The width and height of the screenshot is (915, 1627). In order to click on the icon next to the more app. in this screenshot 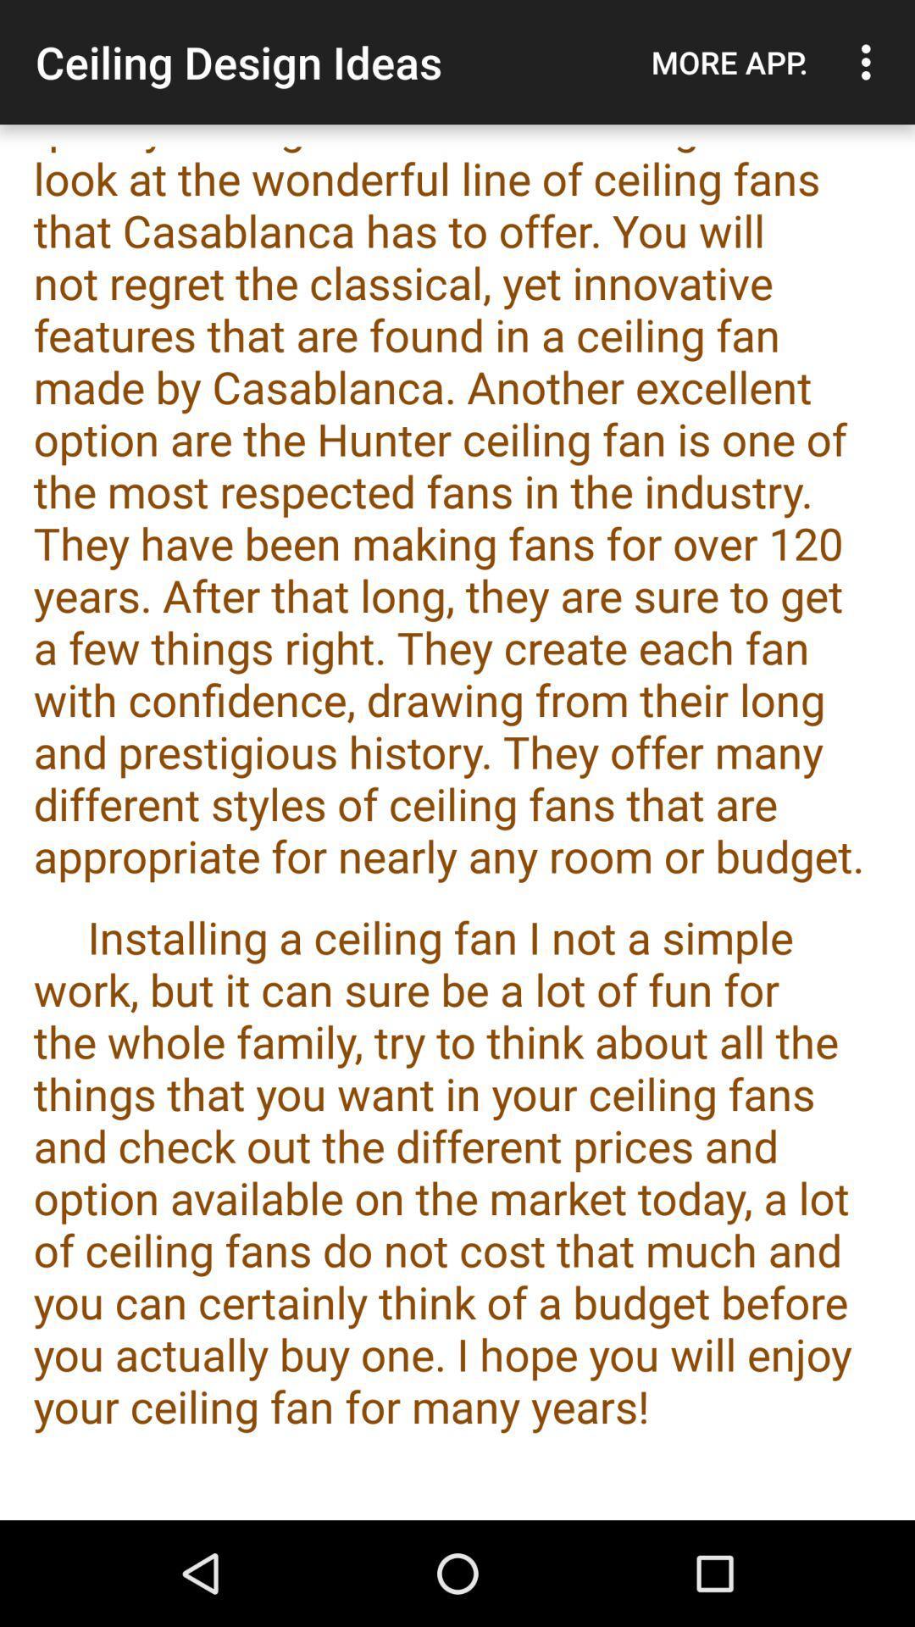, I will do `click(870, 62)`.